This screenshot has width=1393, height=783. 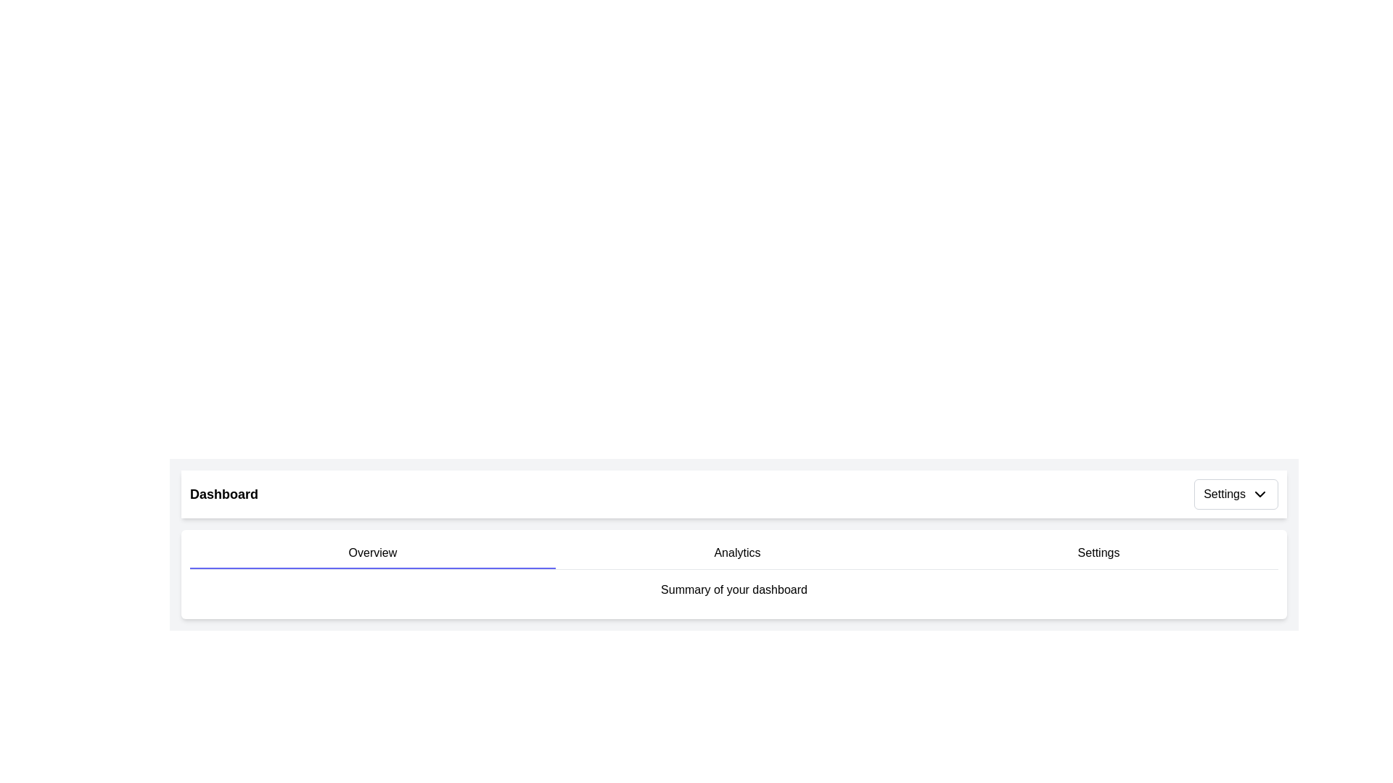 What do you see at coordinates (737, 553) in the screenshot?
I see `the 'Analytics' label in the navigation bar` at bounding box center [737, 553].